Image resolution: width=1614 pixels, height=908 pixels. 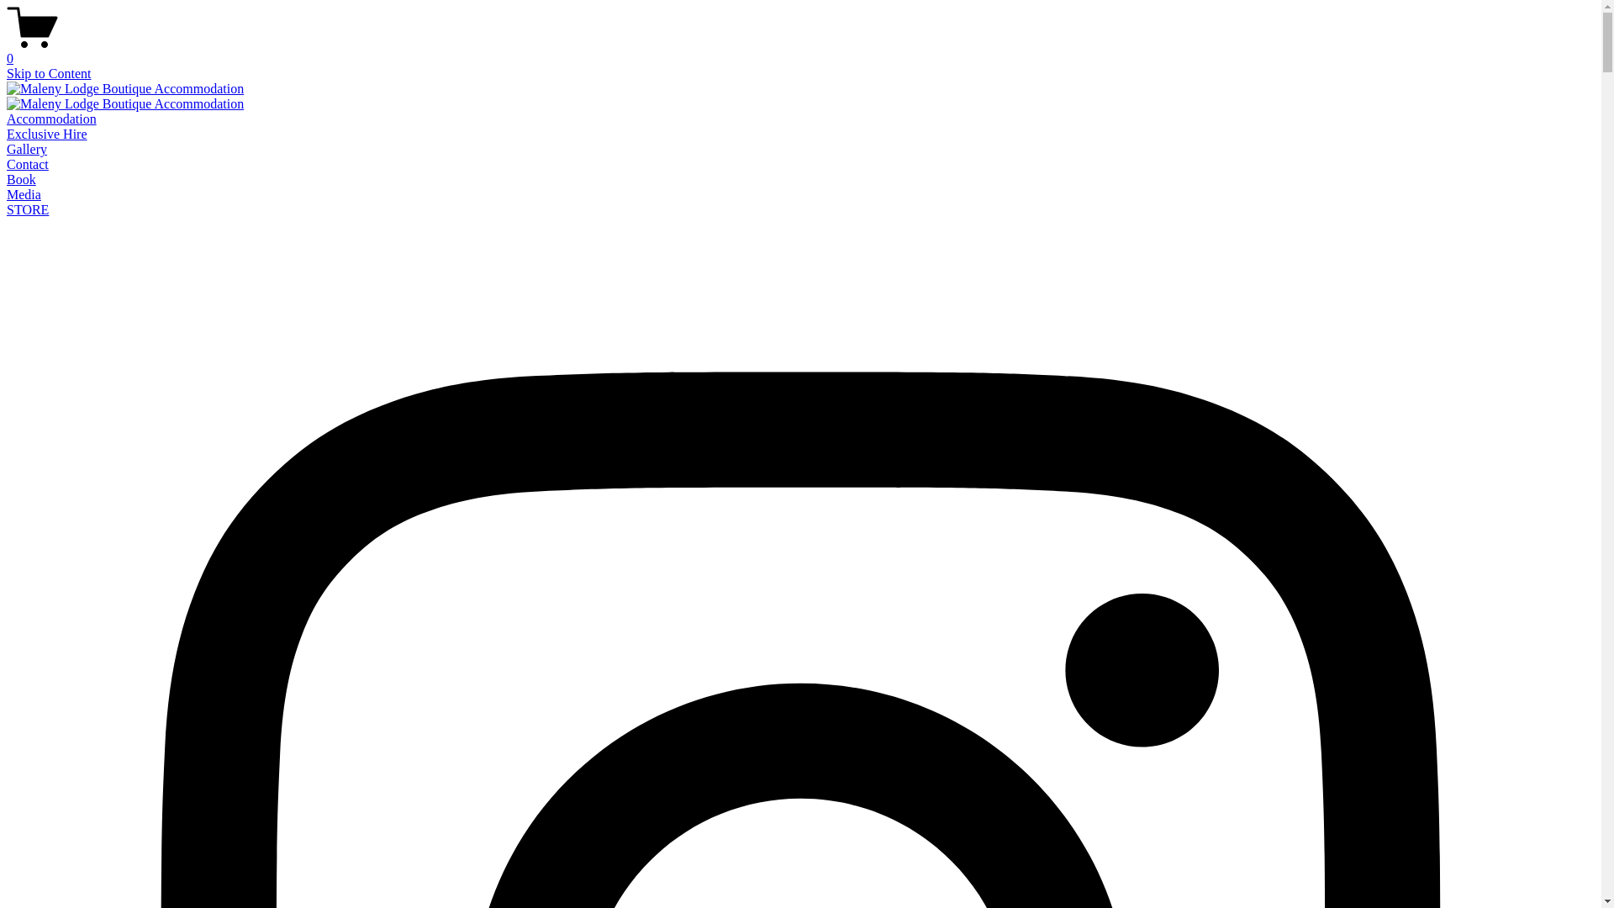 I want to click on 'Book', so click(x=21, y=179).